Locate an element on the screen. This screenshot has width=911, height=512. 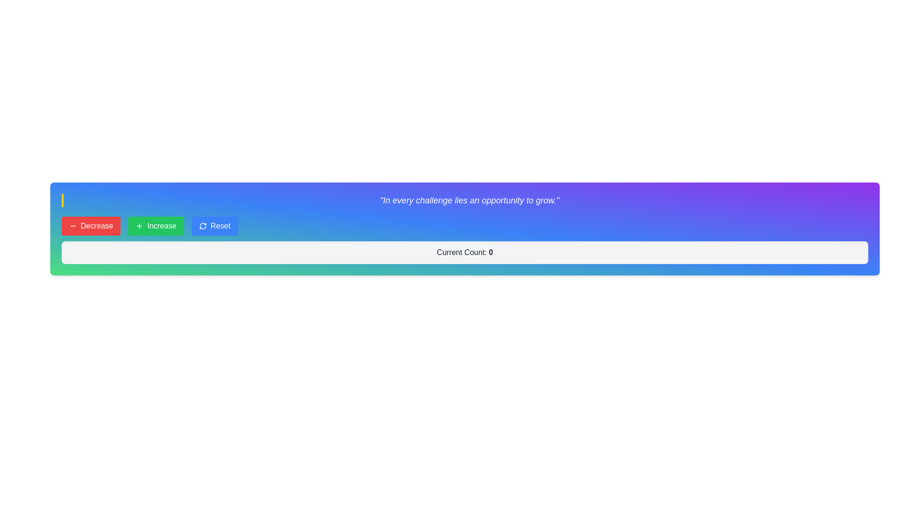
the 'Decrease' button which contains the horizontally centered red Minus icon, located in the top bar of the interface is located at coordinates (72, 226).